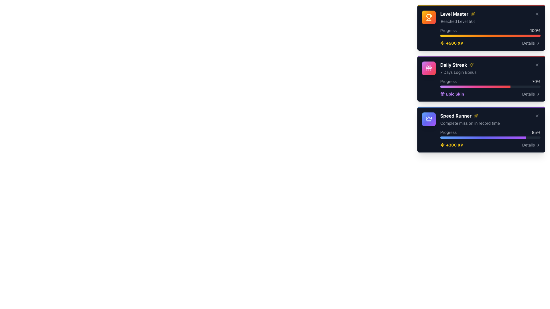  I want to click on the static text label displaying 'Progress' in light gray font, located beneath the title and descriptive text within the second card of a vertically stacked interface, so click(448, 82).